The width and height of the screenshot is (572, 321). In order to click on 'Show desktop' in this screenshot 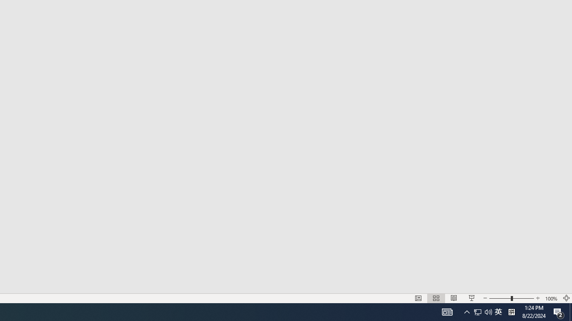, I will do `click(570, 311)`.